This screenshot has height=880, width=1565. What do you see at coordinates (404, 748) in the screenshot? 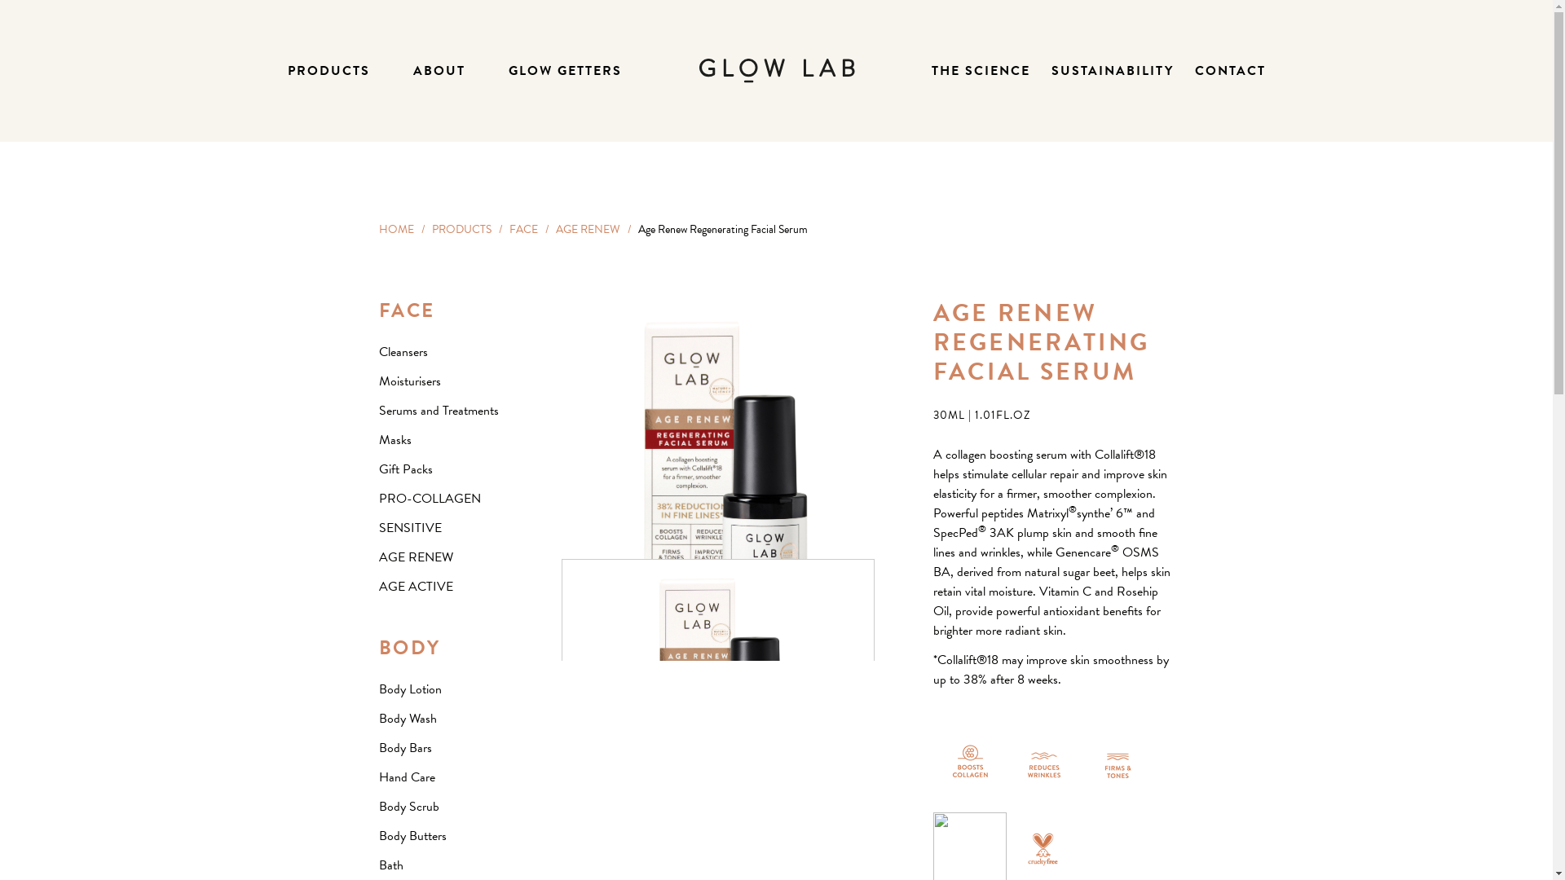
I see `'Body Bars'` at bounding box center [404, 748].